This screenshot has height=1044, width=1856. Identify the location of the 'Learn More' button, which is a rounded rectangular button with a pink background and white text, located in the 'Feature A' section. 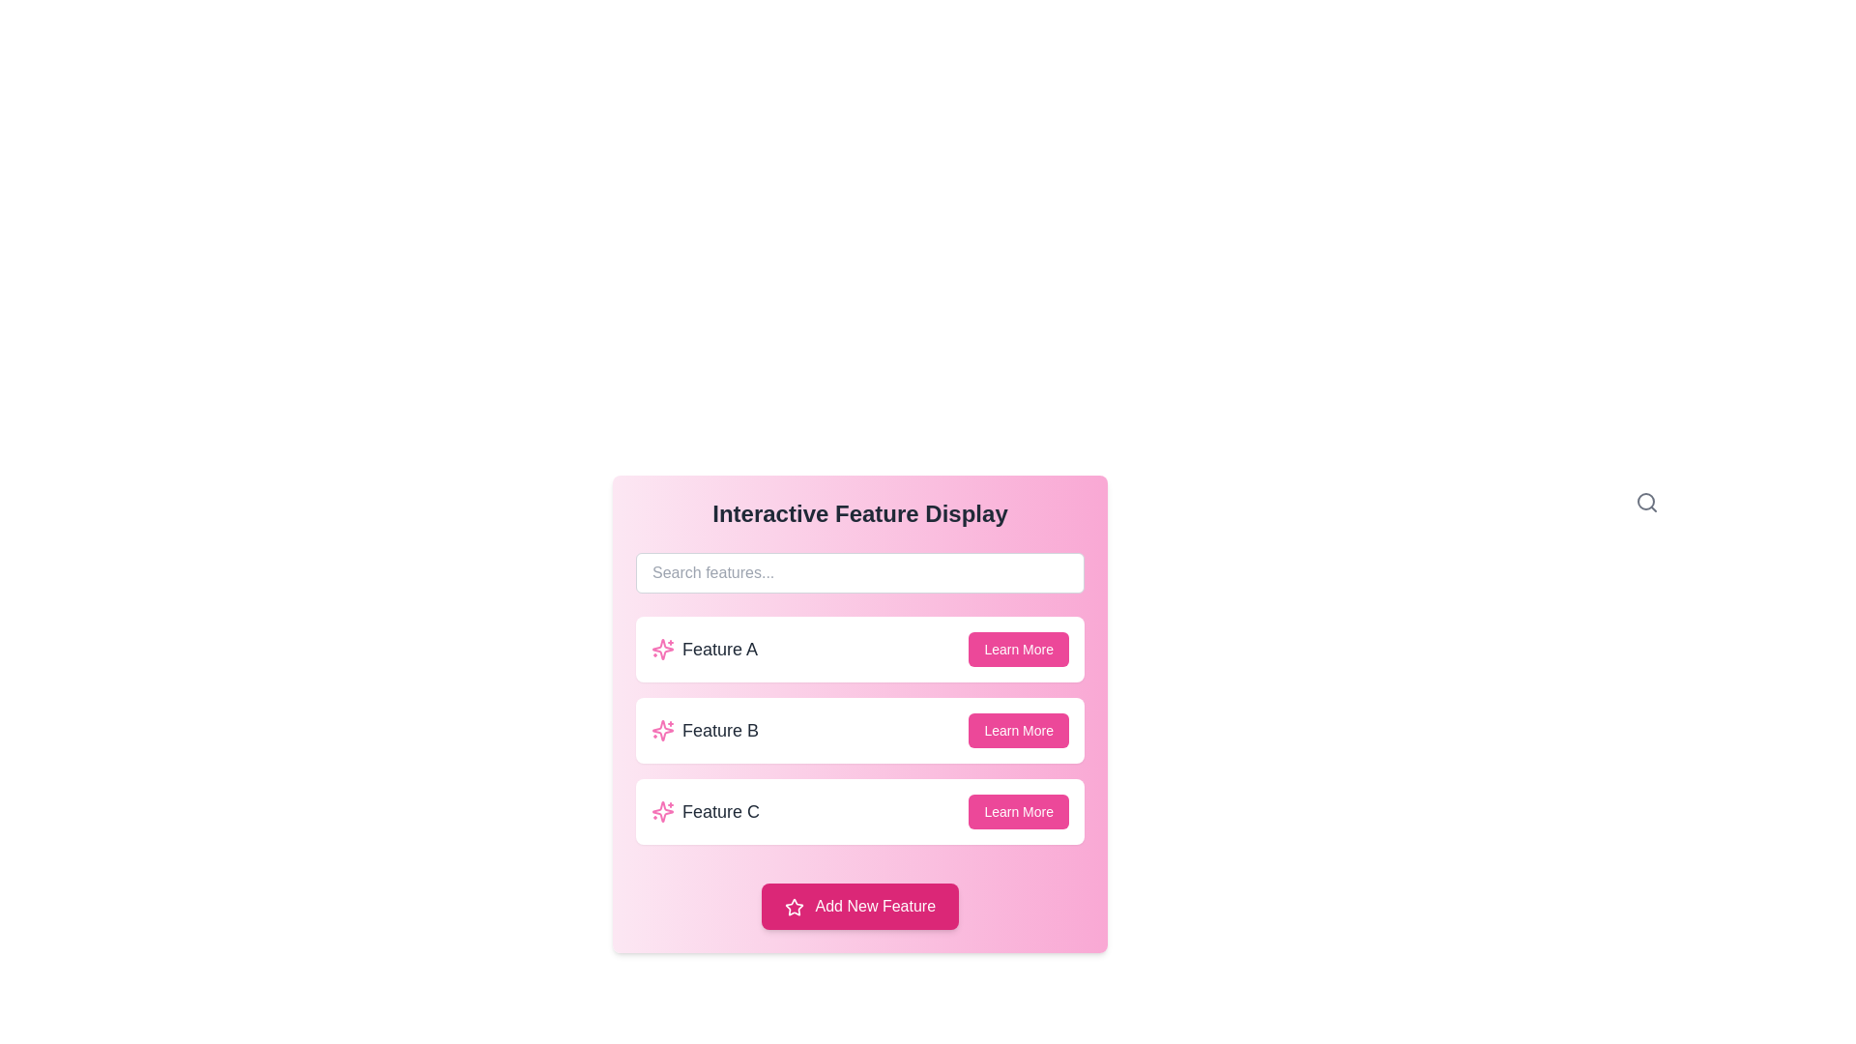
(1018, 649).